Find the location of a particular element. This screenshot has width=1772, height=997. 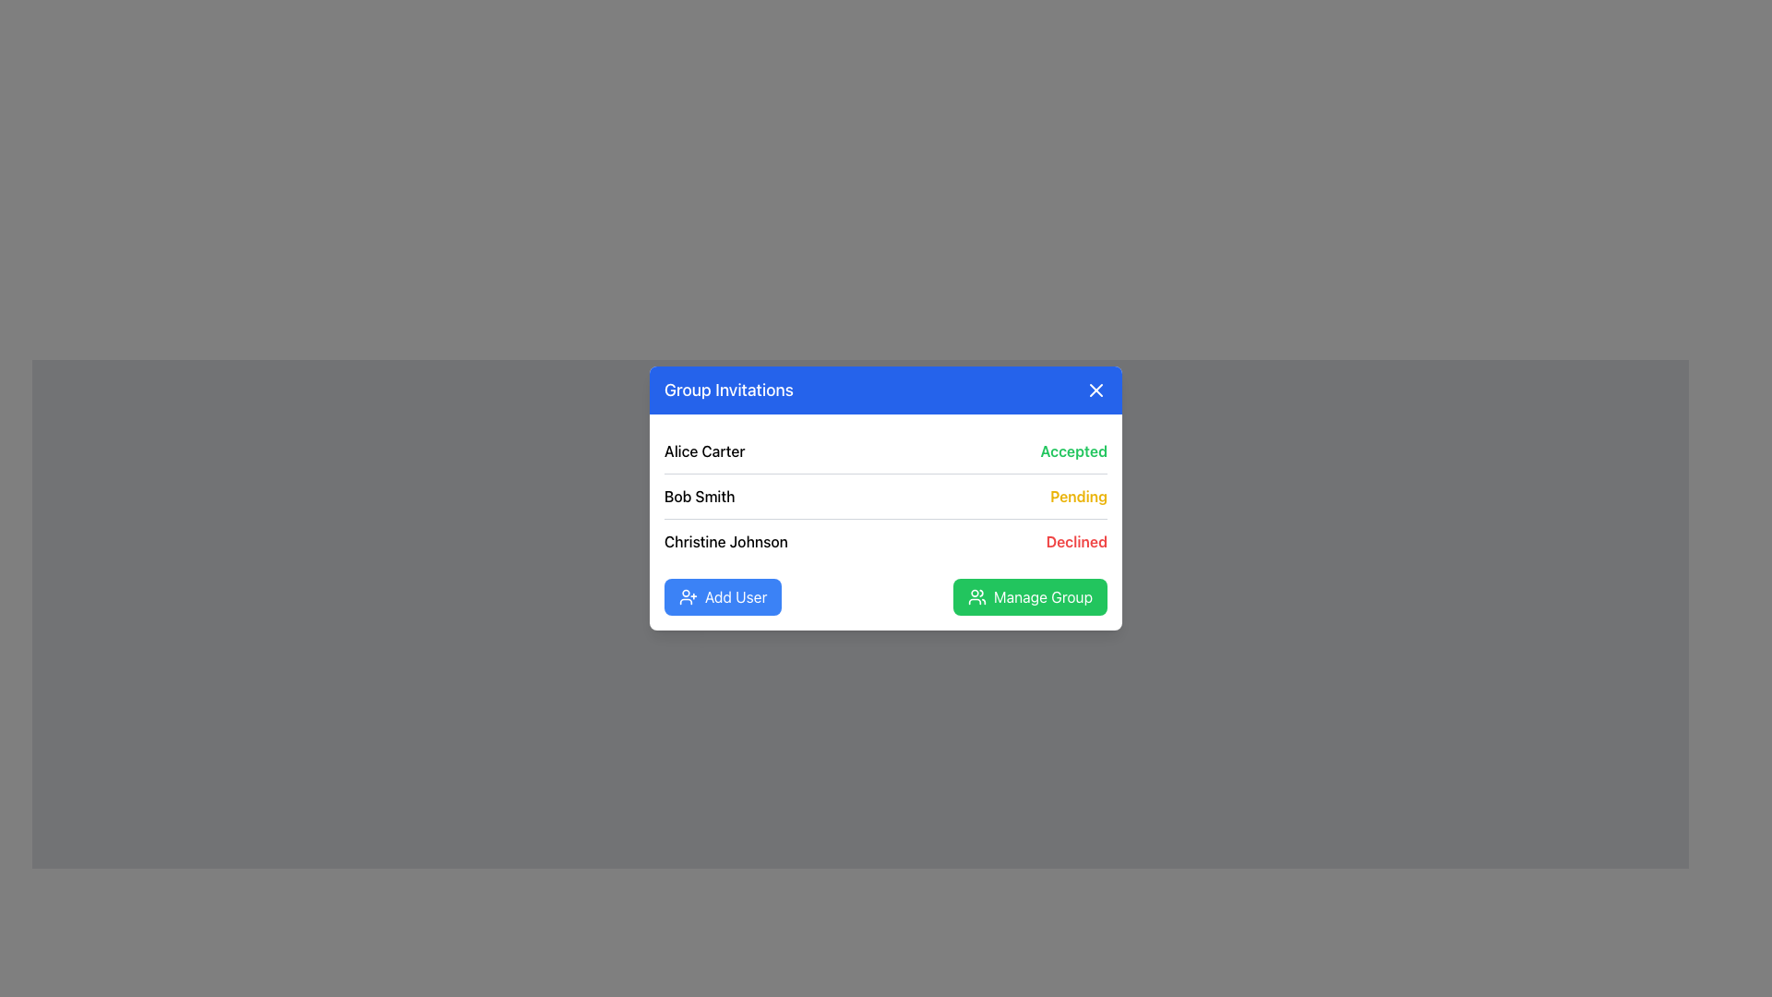

the blue rectangular 'Add User' button with rounded corners located in the bottom-left corner of the dialog box is located at coordinates (722, 597).